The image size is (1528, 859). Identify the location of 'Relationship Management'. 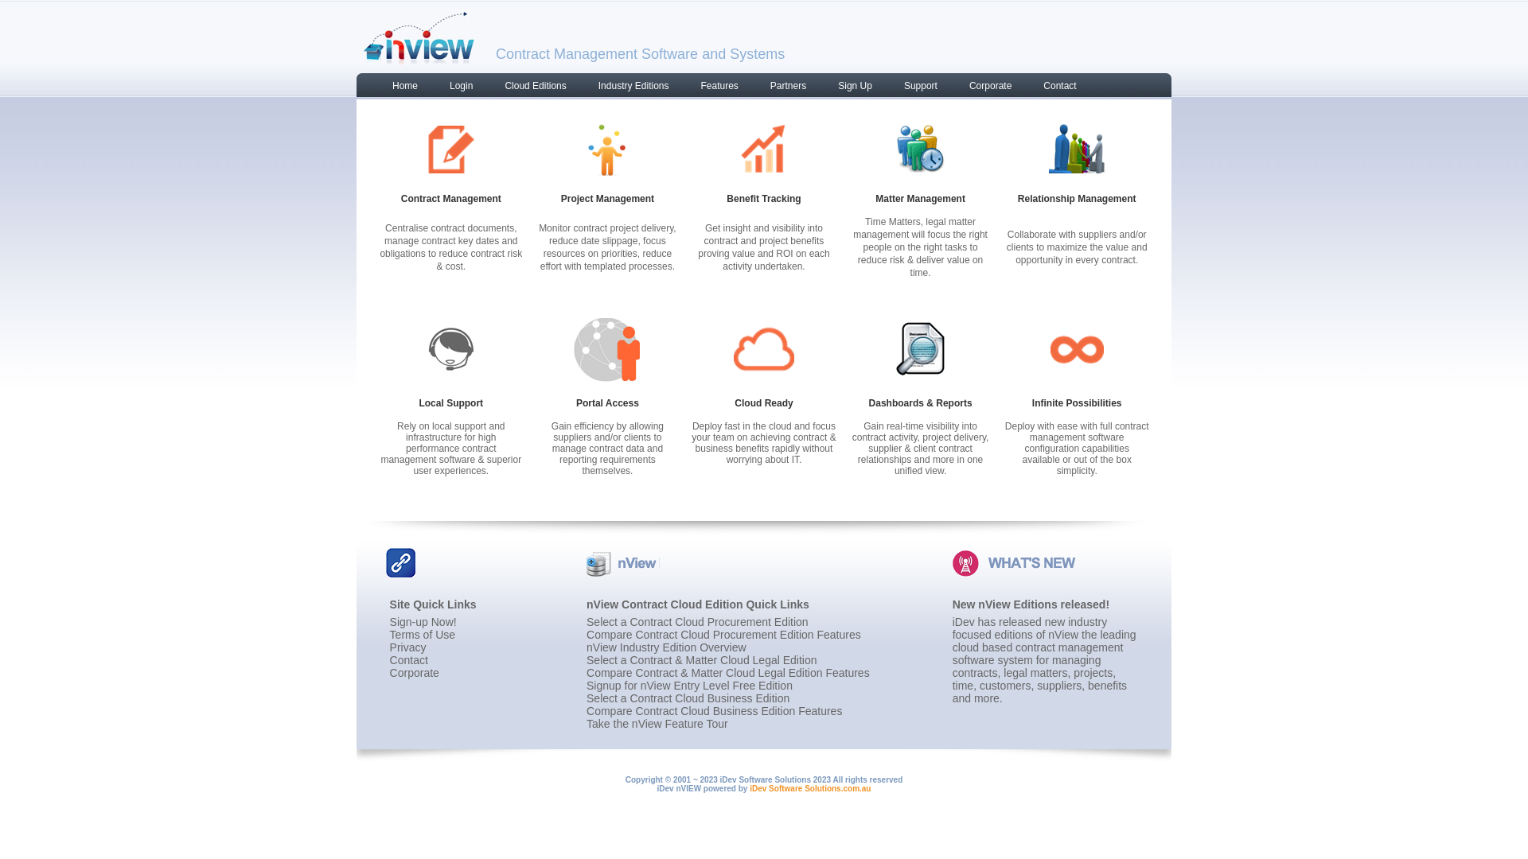
(1077, 198).